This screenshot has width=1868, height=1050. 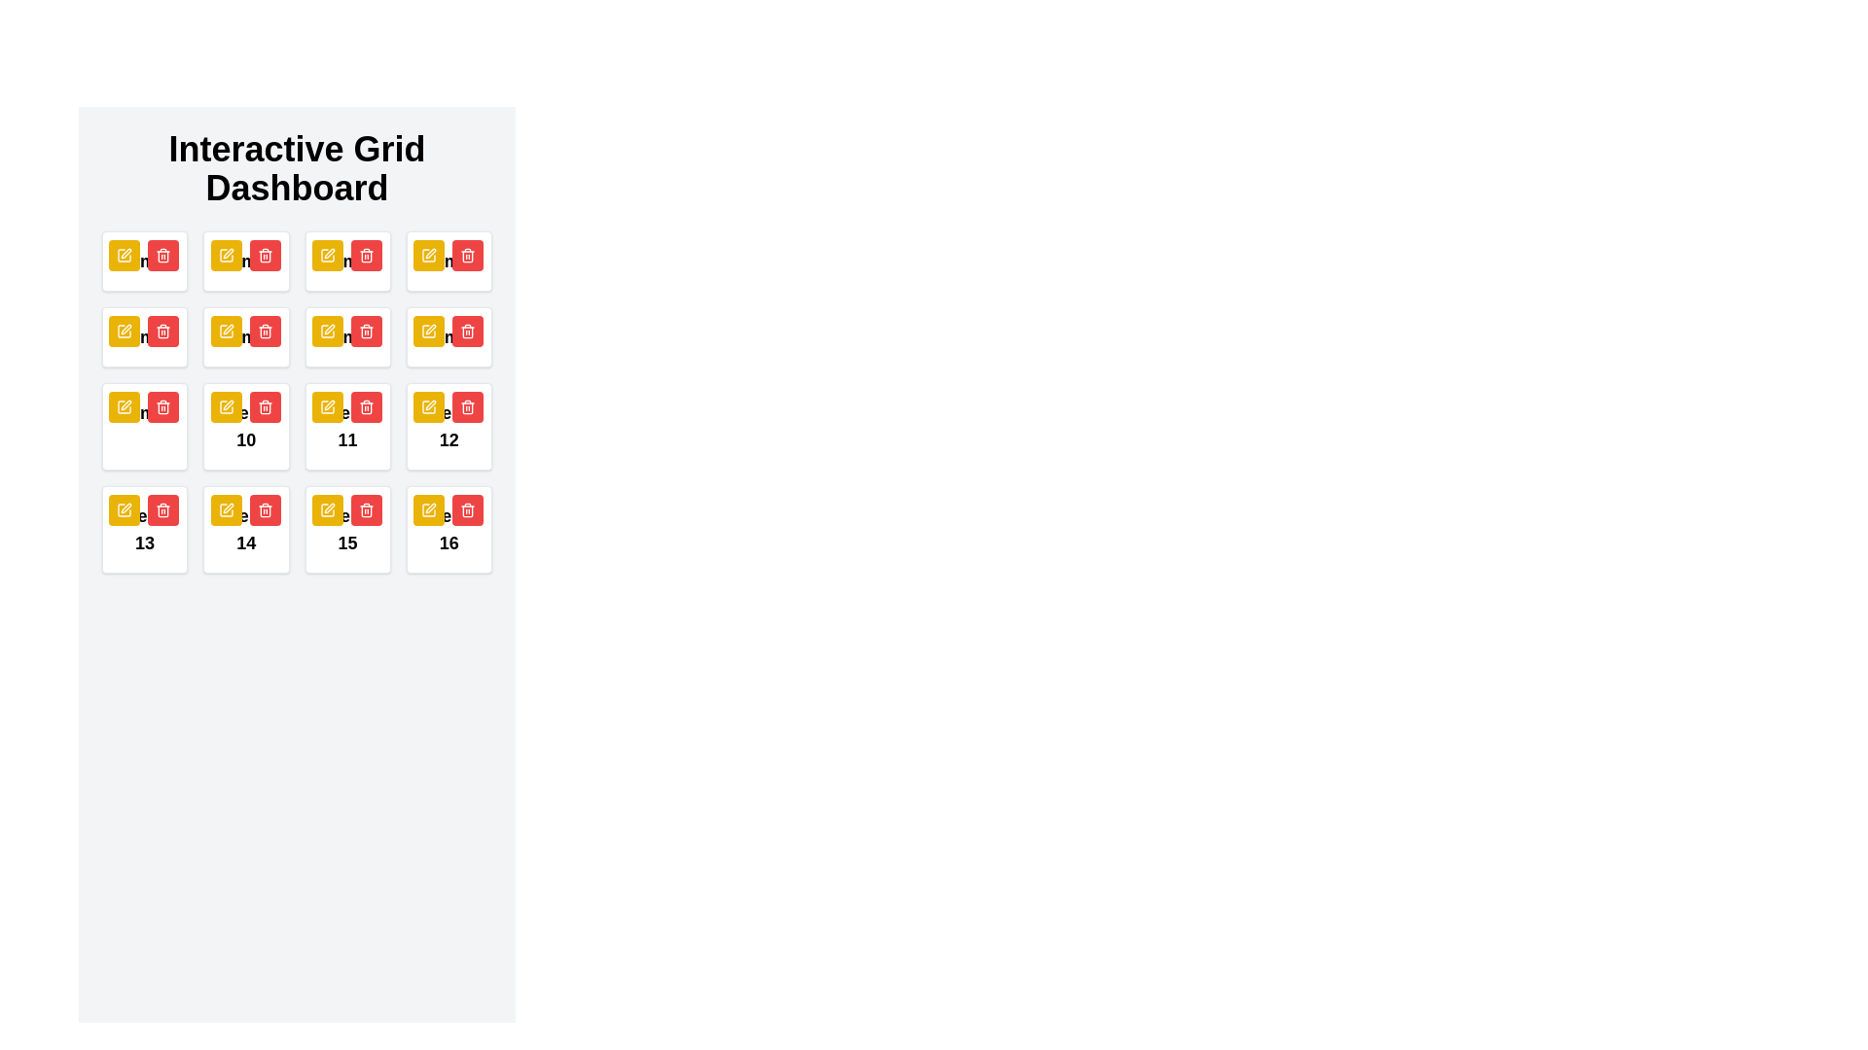 What do you see at coordinates (124, 406) in the screenshot?
I see `the editing icon represented by a square with a rounded pen-like icon, located in the top-left region of the twelfth card on the interactive grid dashboard` at bounding box center [124, 406].